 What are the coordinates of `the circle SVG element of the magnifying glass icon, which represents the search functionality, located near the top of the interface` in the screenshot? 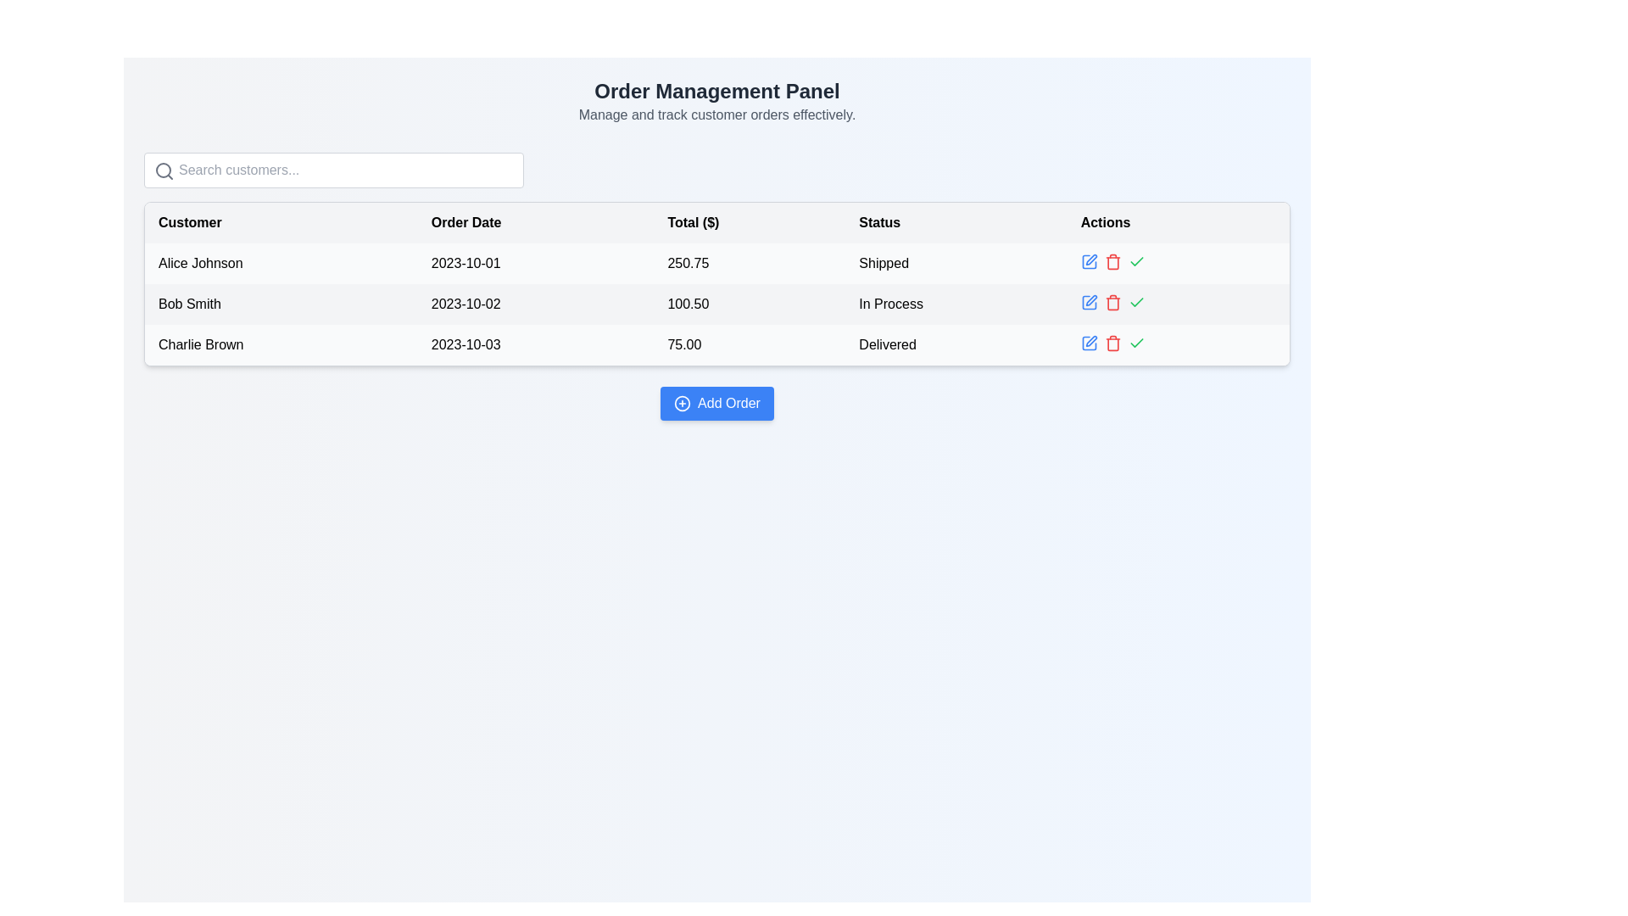 It's located at (163, 170).